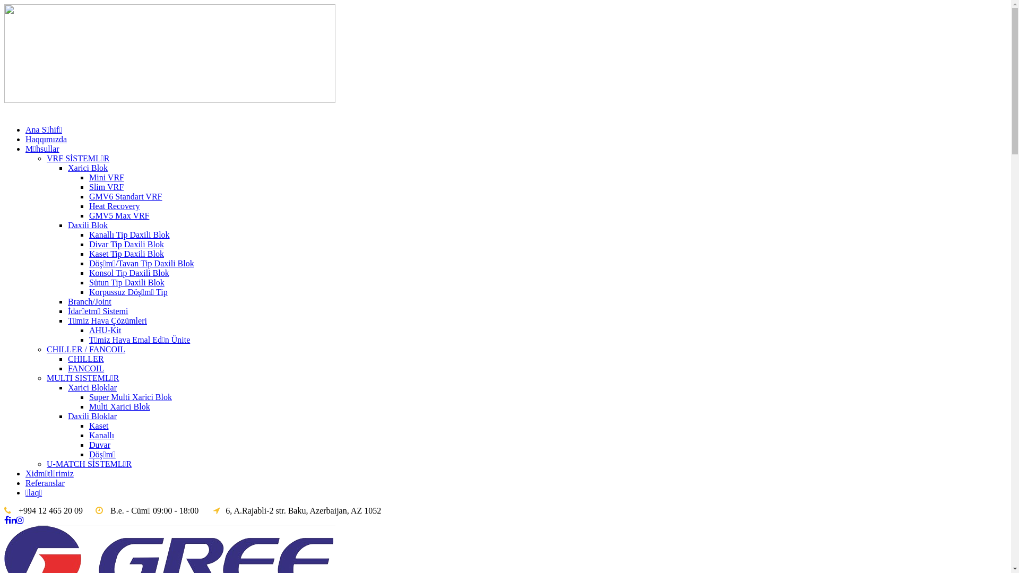  What do you see at coordinates (92, 387) in the screenshot?
I see `'Xarici Bloklar'` at bounding box center [92, 387].